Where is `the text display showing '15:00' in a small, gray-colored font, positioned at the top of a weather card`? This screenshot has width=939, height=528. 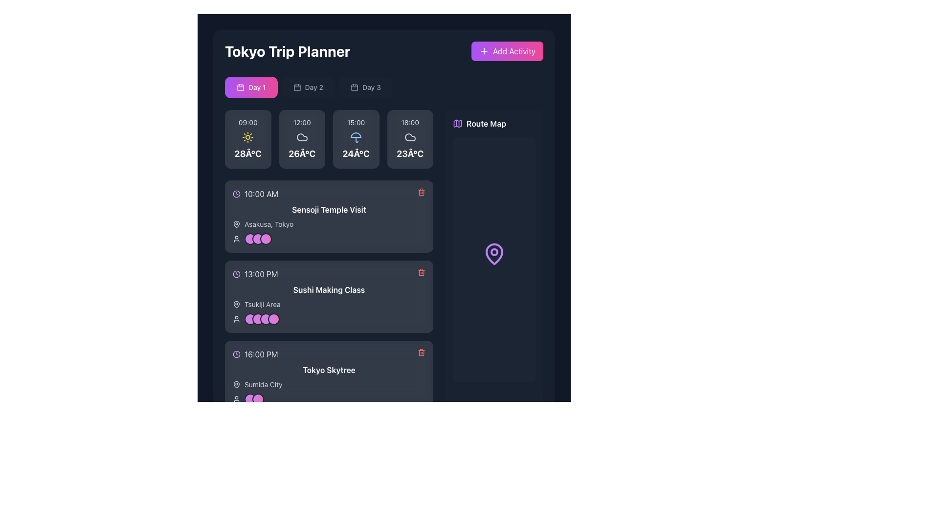
the text display showing '15:00' in a small, gray-colored font, positioned at the top of a weather card is located at coordinates (356, 122).